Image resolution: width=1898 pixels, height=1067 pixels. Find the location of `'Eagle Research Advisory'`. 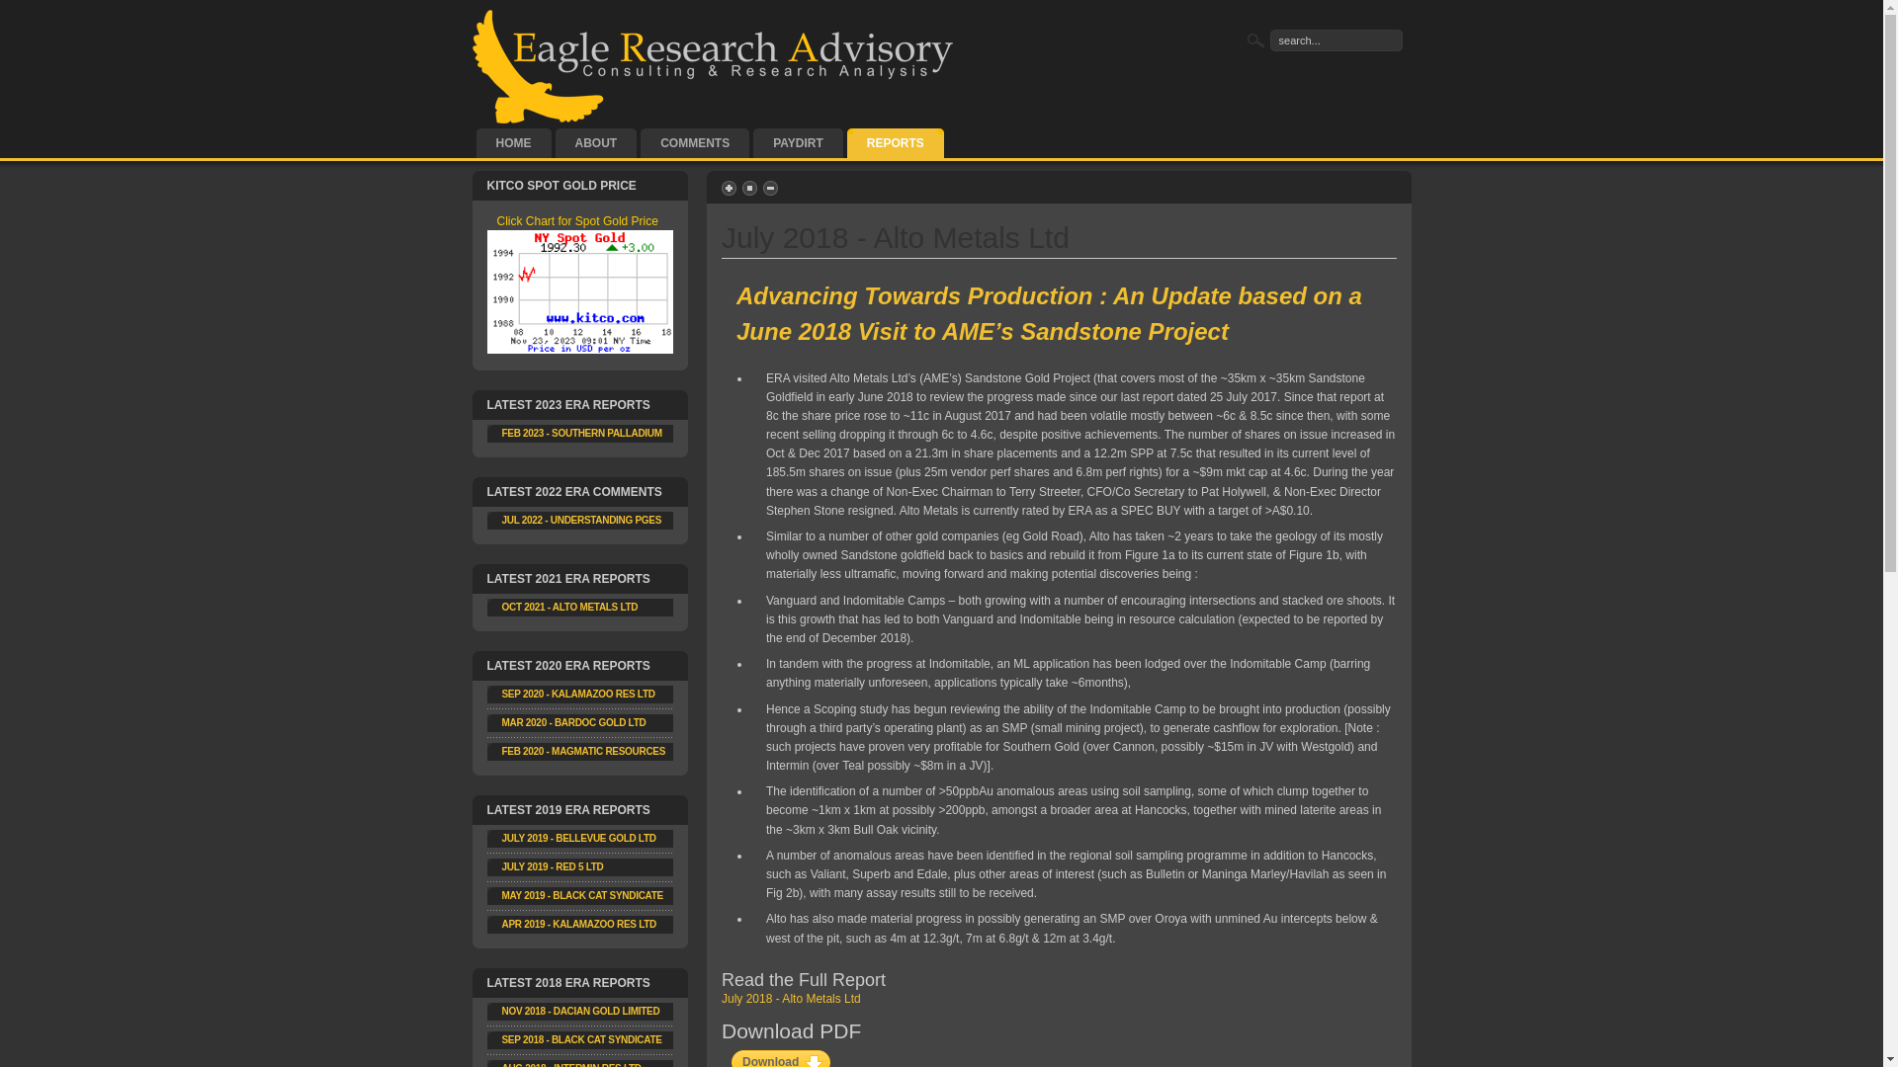

'Eagle Research Advisory' is located at coordinates (714, 66).